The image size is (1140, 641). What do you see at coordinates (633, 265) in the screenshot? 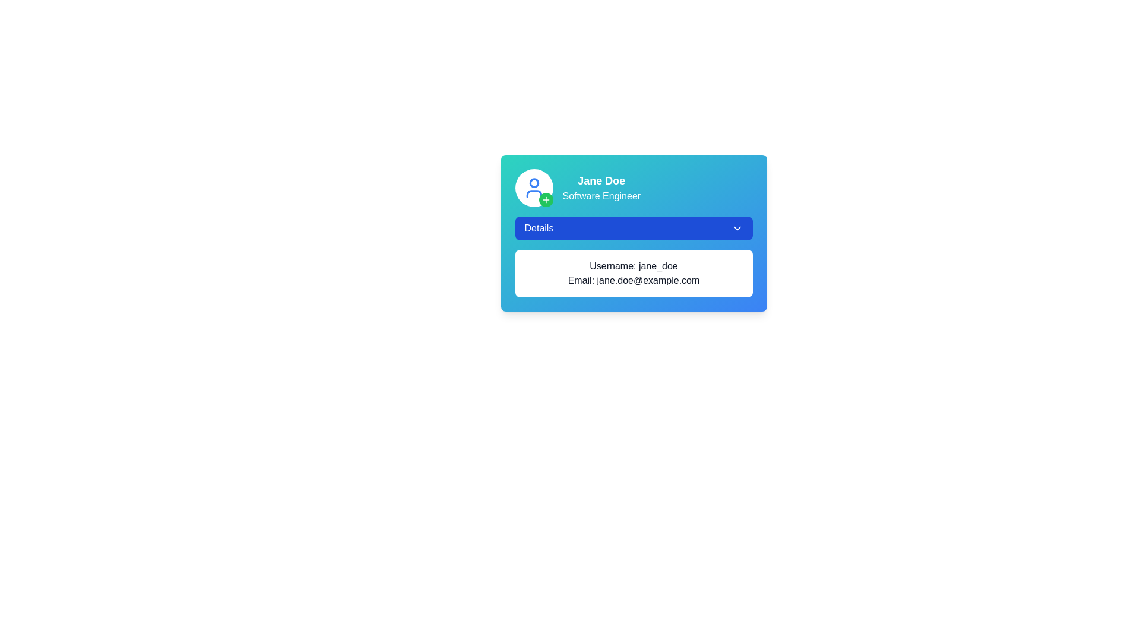
I see `the text label displaying the username 'jane_doe', which is located within a white rounded rectangle box above the email text and below the blue dropdown menu labeled 'Details'` at bounding box center [633, 265].